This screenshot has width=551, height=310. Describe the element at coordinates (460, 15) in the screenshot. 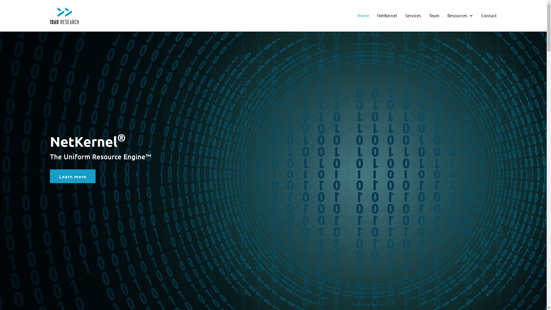

I see `'Resources'` at that location.